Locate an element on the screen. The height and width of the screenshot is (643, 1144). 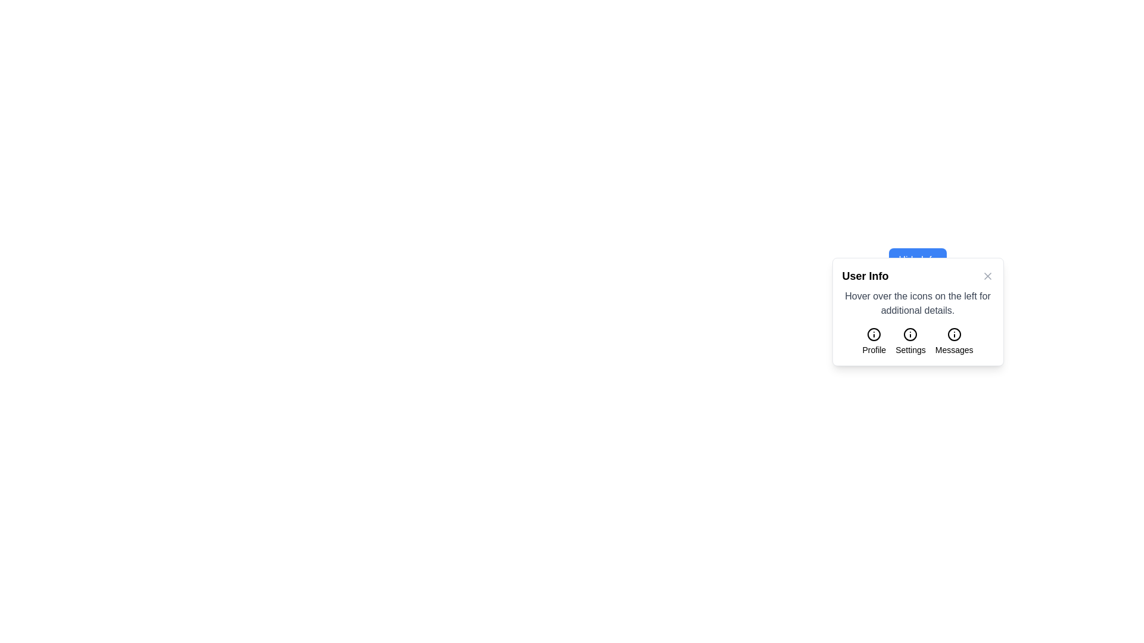
the Text label that describes the settings icon located directly beneath it, which is part of a horizontal group of options including 'Profile', 'Settings', and 'Messages' is located at coordinates (910, 349).